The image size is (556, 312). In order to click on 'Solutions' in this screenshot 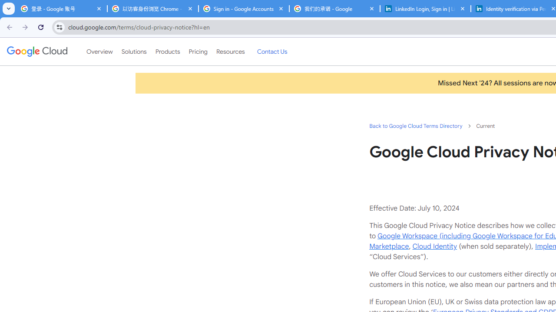, I will do `click(133, 52)`.